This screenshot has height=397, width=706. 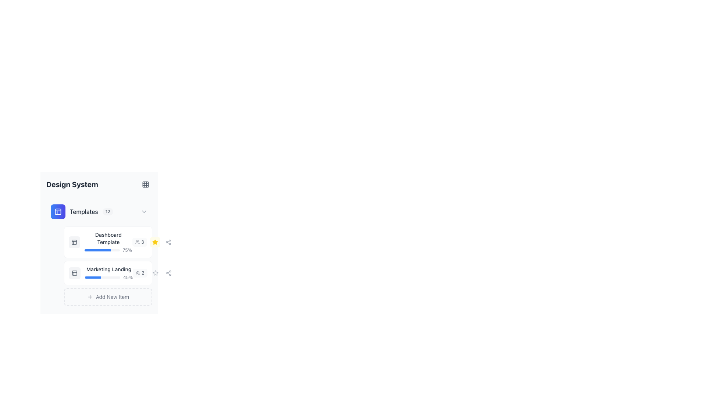 I want to click on the Progress Indicator displaying '75%' that is located below the 'Dashboard Template' text in a card-like UI section, so click(x=108, y=250).